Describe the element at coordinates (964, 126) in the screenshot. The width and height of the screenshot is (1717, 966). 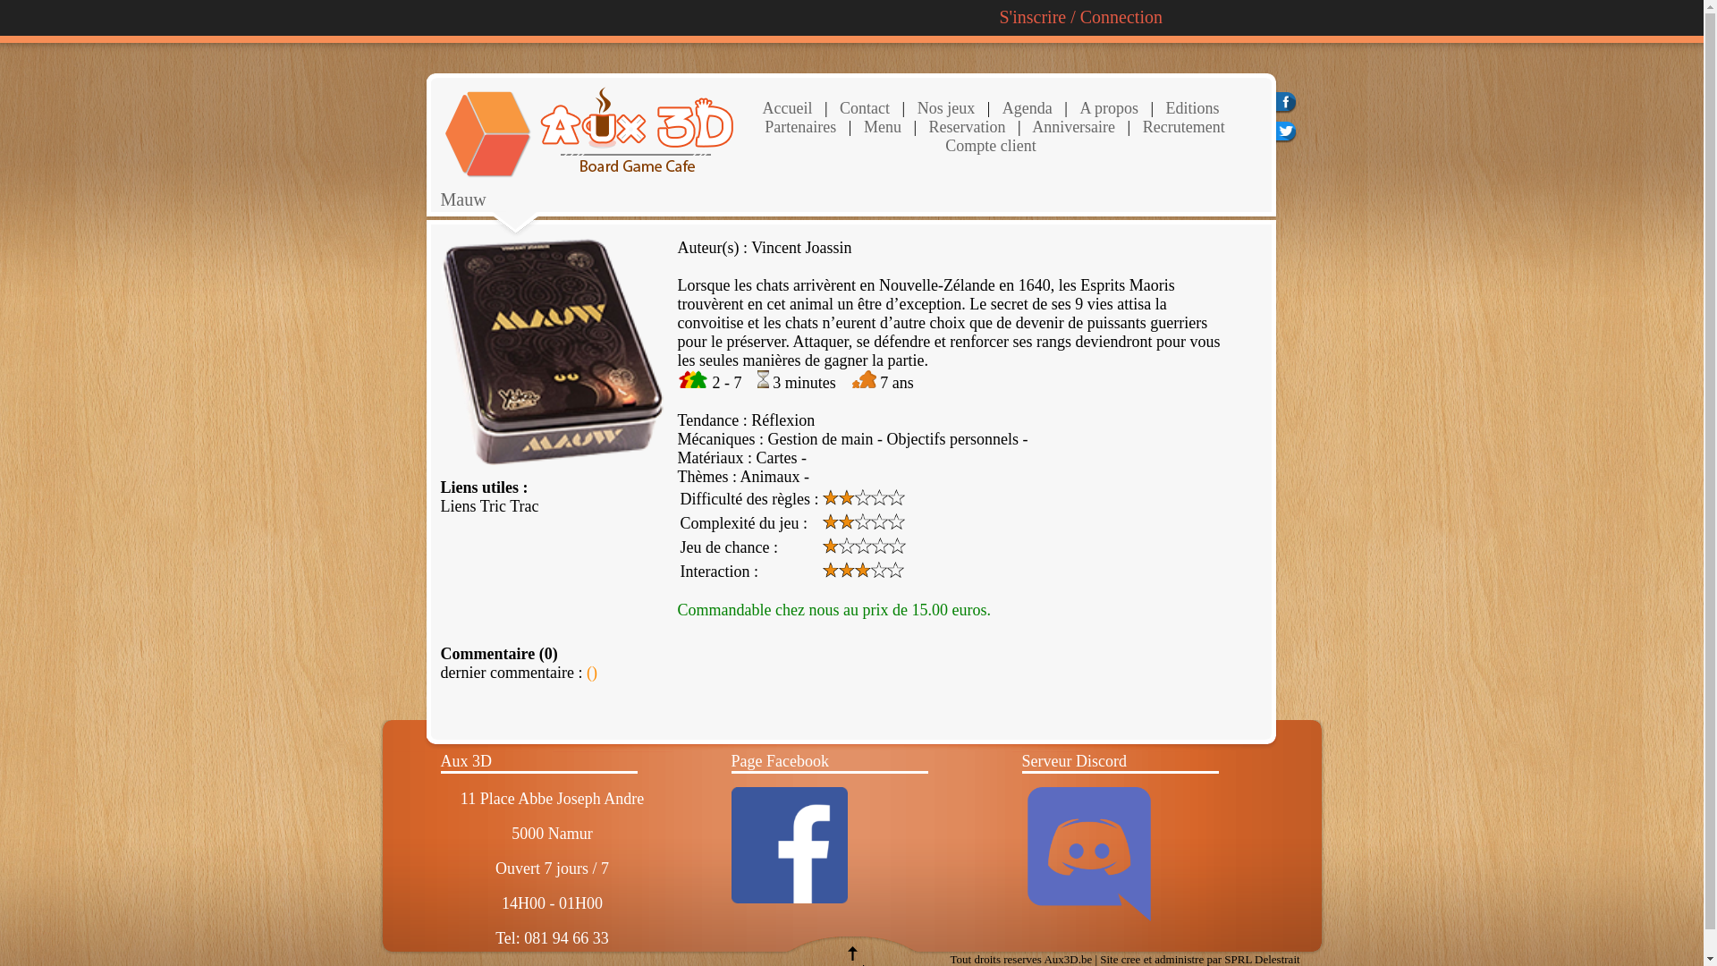
I see `'Reservation'` at that location.